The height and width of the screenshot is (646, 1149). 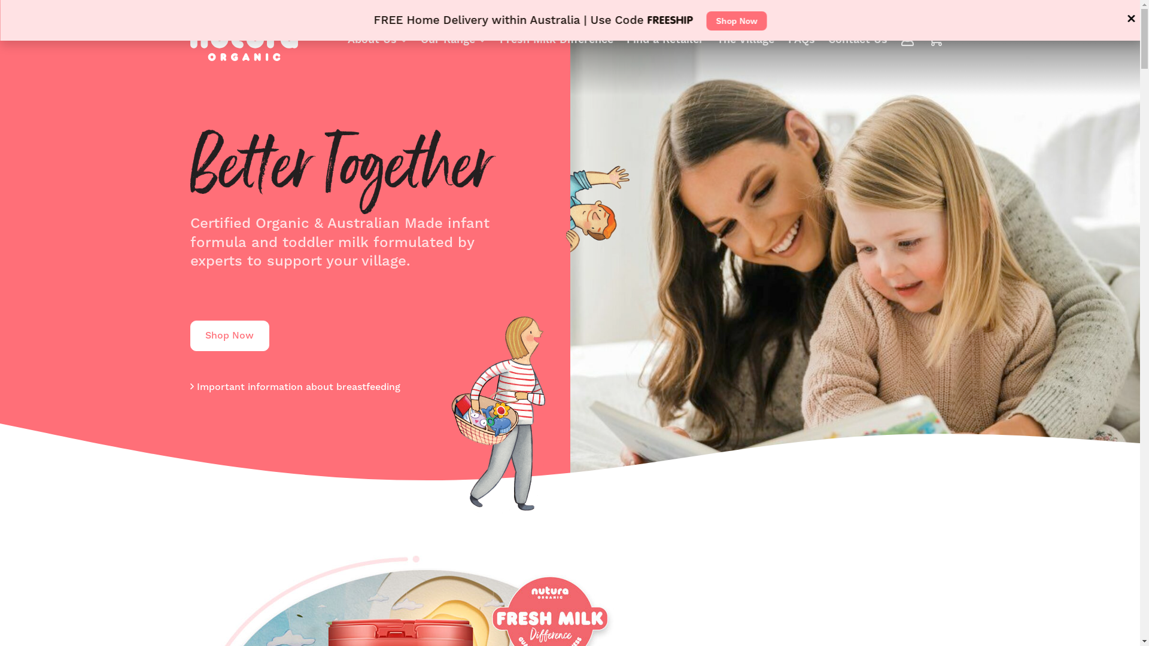 I want to click on 'Close this module', so click(x=1121, y=18).